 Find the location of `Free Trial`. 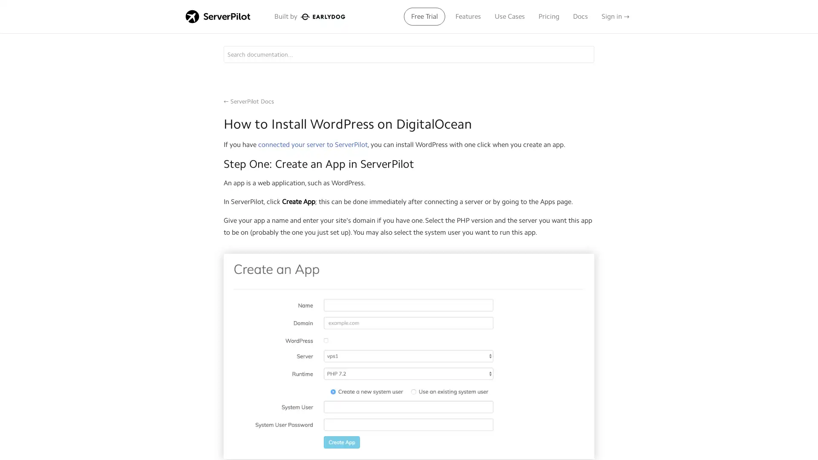

Free Trial is located at coordinates (424, 16).